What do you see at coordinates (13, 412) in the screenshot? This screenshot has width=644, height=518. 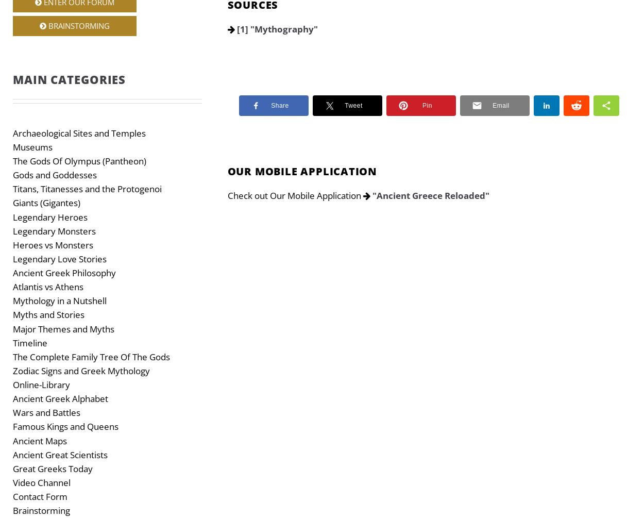 I see `'Wars and Battles'` at bounding box center [13, 412].